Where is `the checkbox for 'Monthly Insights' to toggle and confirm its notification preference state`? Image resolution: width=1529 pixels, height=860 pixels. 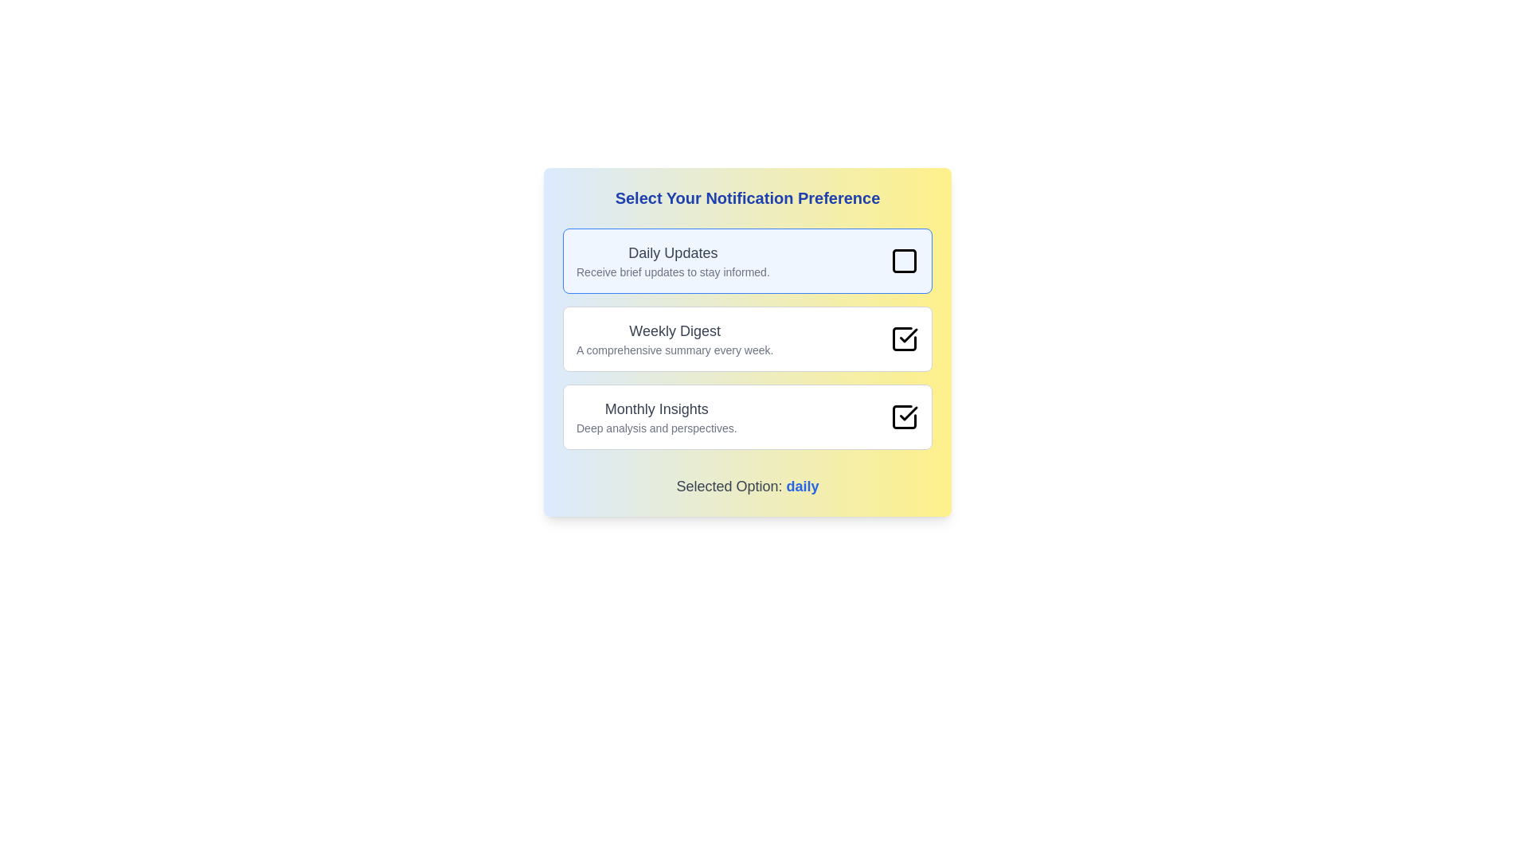 the checkbox for 'Monthly Insights' to toggle and confirm its notification preference state is located at coordinates (905, 416).